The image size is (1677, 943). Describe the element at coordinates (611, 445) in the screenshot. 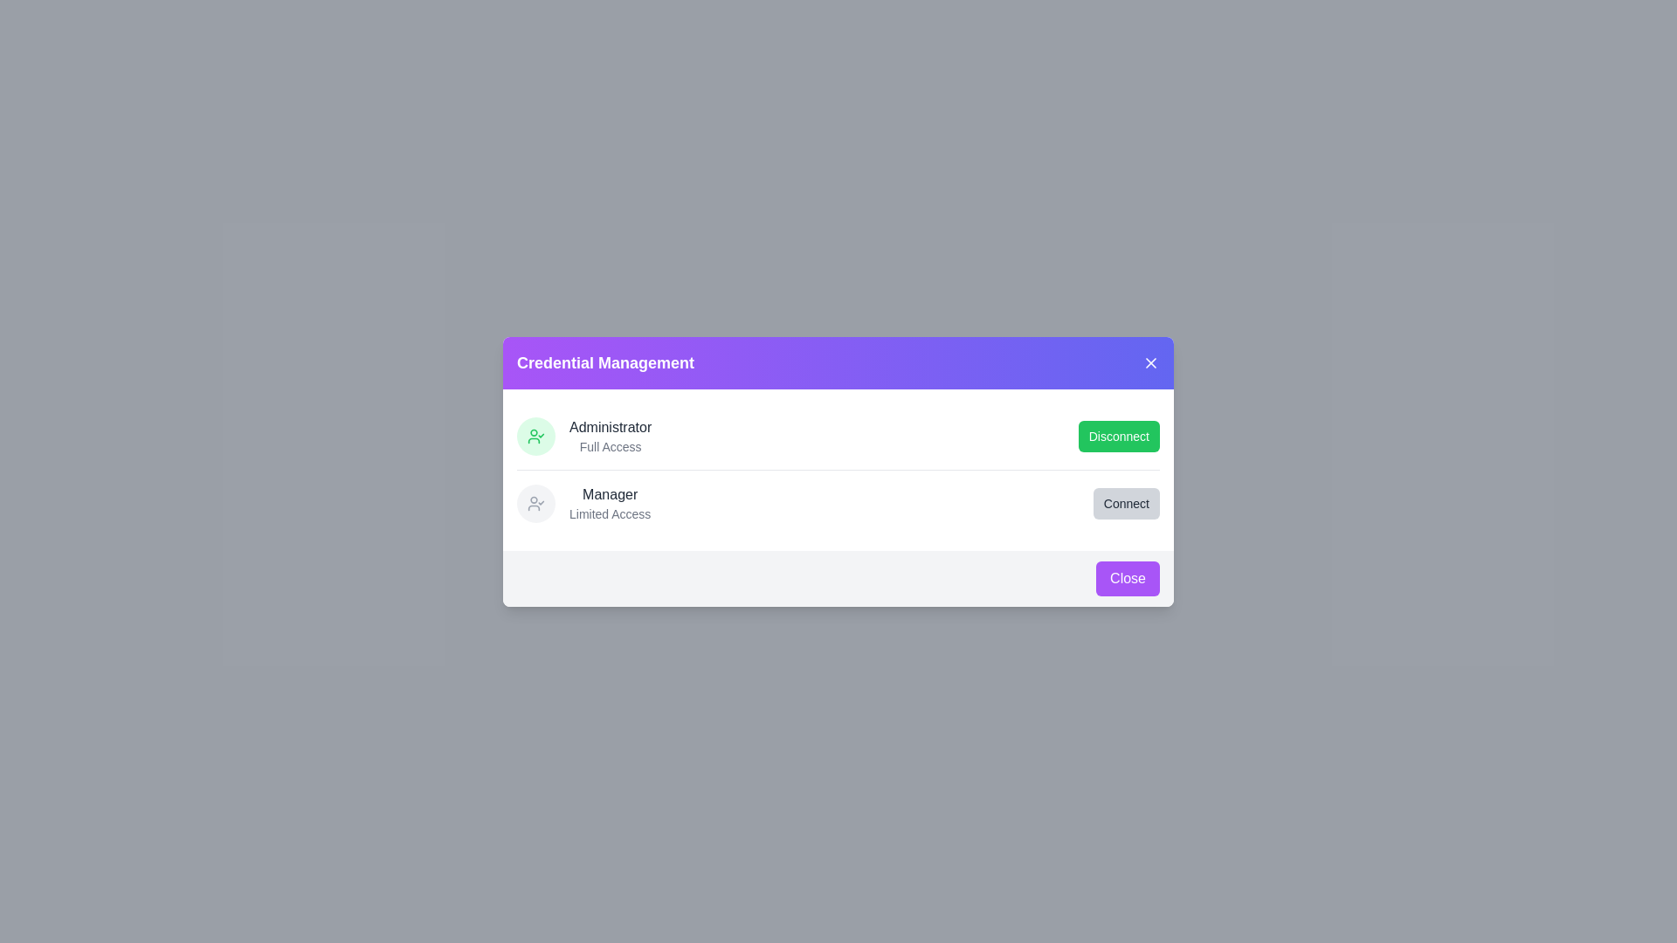

I see `the static text element that conveys the access level associated with the 'Administrator' label located directly beneath it` at that location.